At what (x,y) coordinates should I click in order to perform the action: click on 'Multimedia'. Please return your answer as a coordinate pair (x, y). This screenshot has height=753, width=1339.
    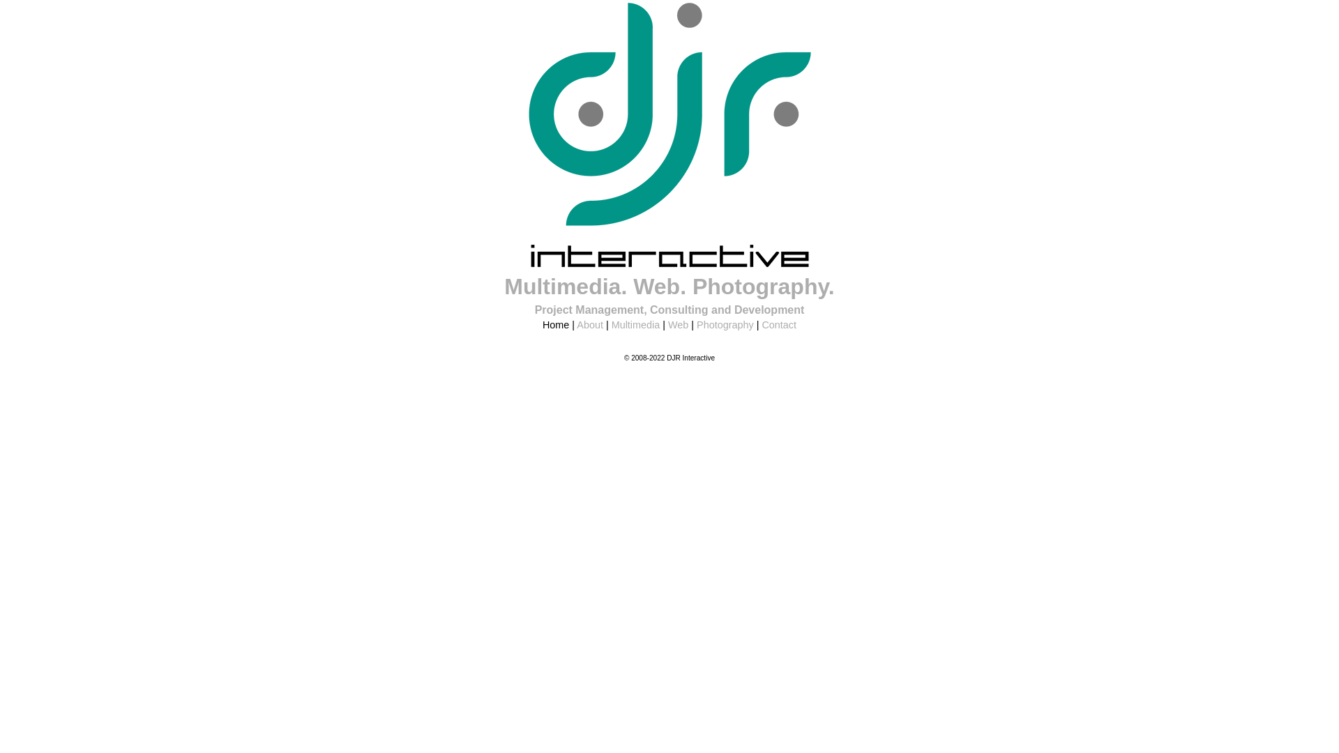
    Looking at the image, I should click on (635, 325).